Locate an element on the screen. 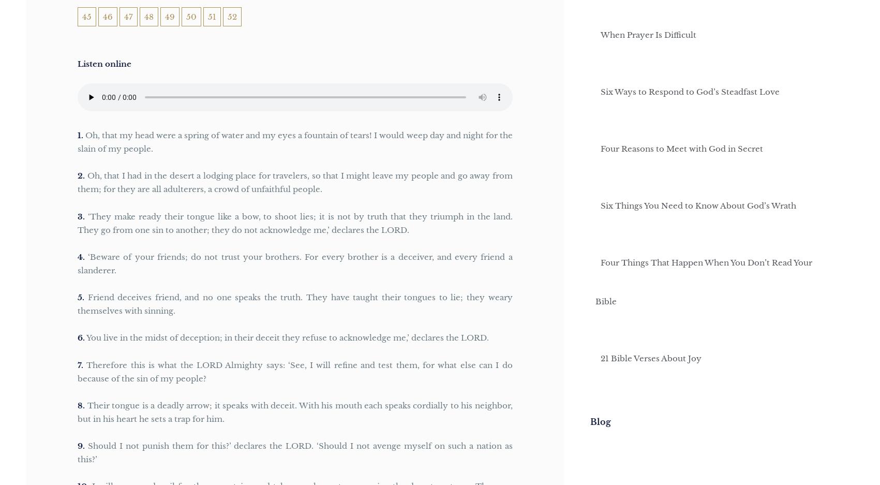 This screenshot has width=880, height=485. '45' is located at coordinates (82, 16).